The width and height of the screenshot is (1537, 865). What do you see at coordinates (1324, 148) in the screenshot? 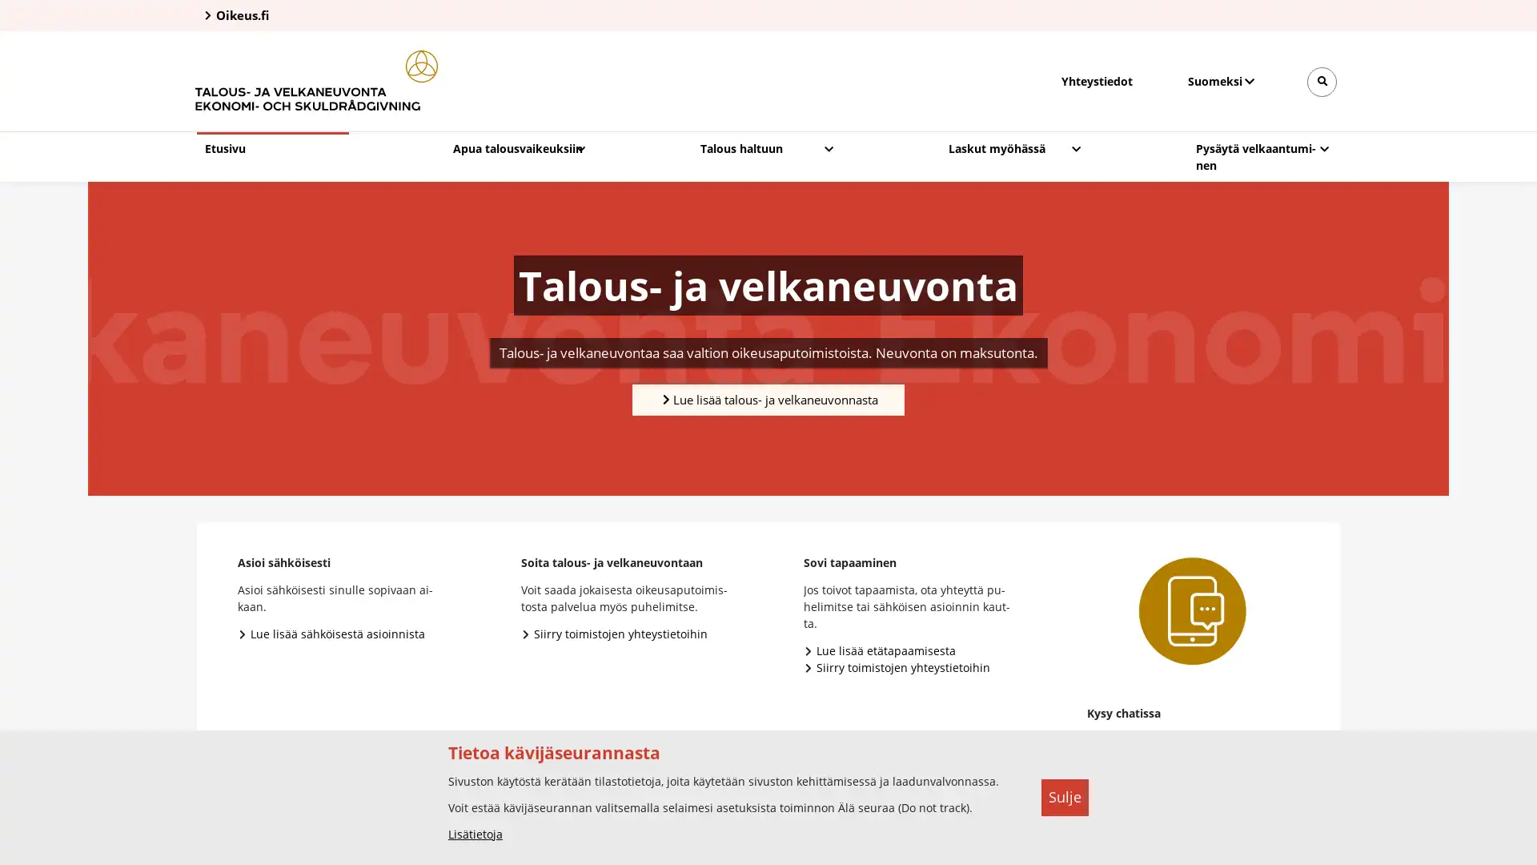
I see `Avaa pudotusvalikko` at bounding box center [1324, 148].